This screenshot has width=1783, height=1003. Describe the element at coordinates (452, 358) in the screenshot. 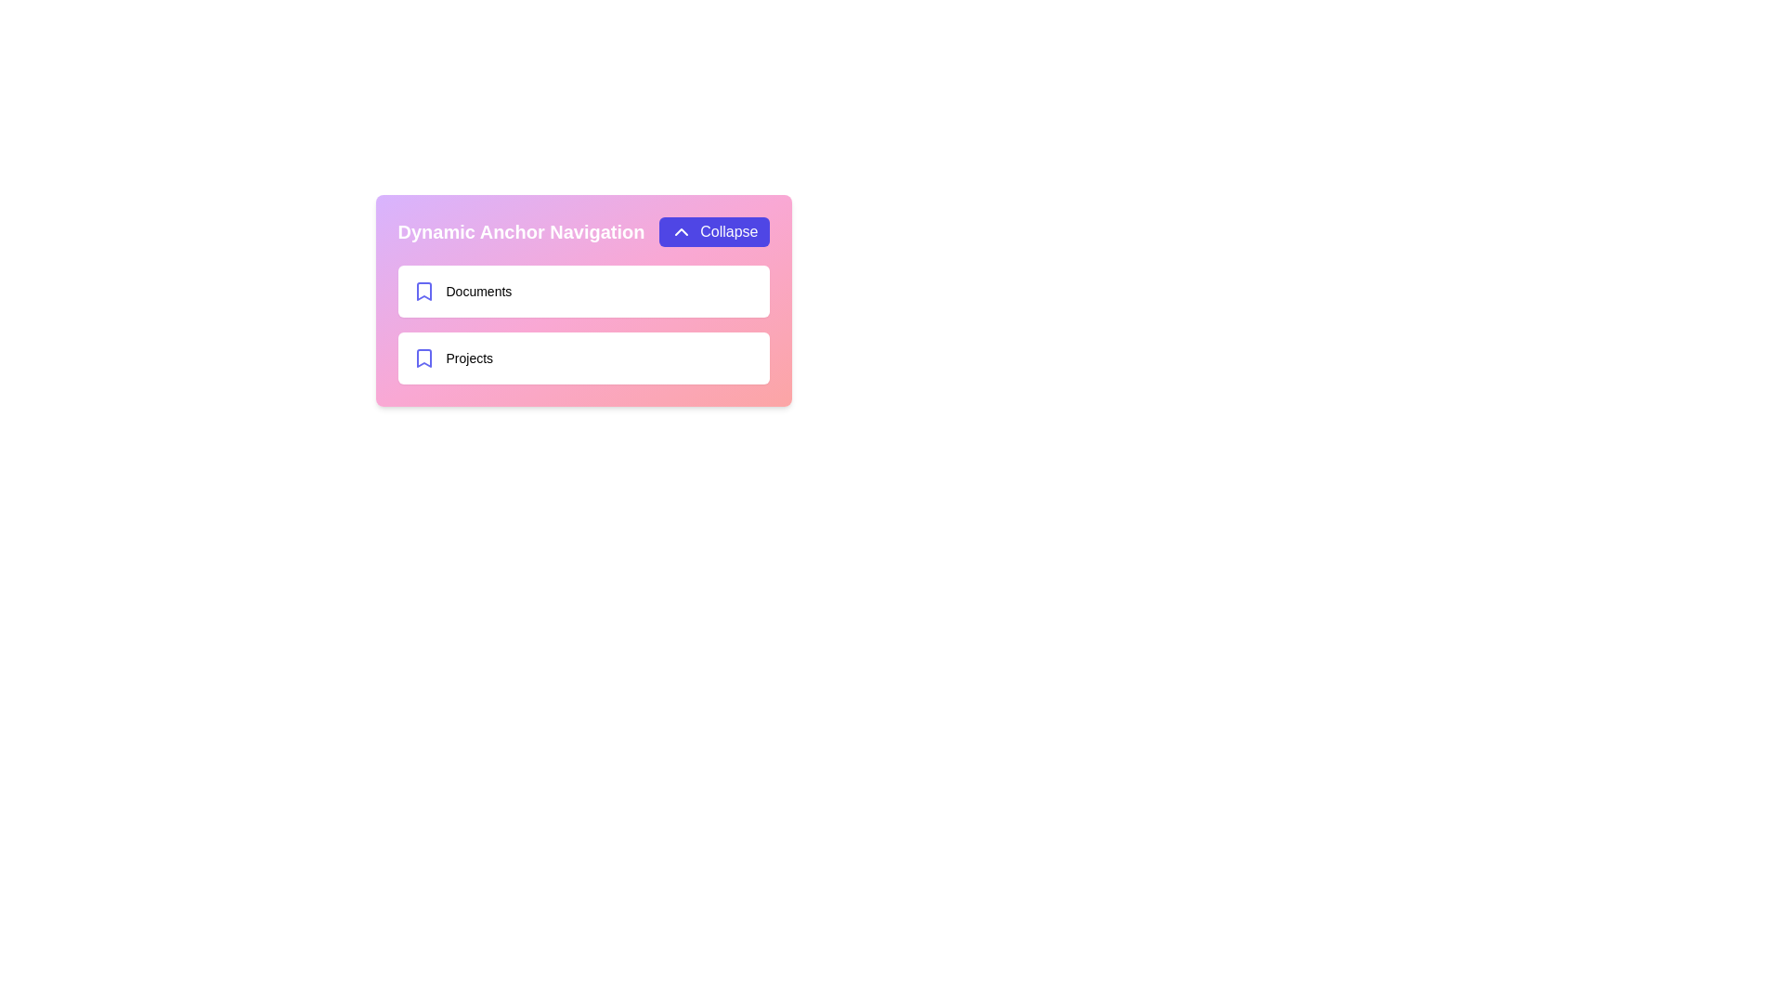

I see `the 'Projects' interactive link component, which features a black text labeled 'Projects' next to a blue bookmark icon` at that location.